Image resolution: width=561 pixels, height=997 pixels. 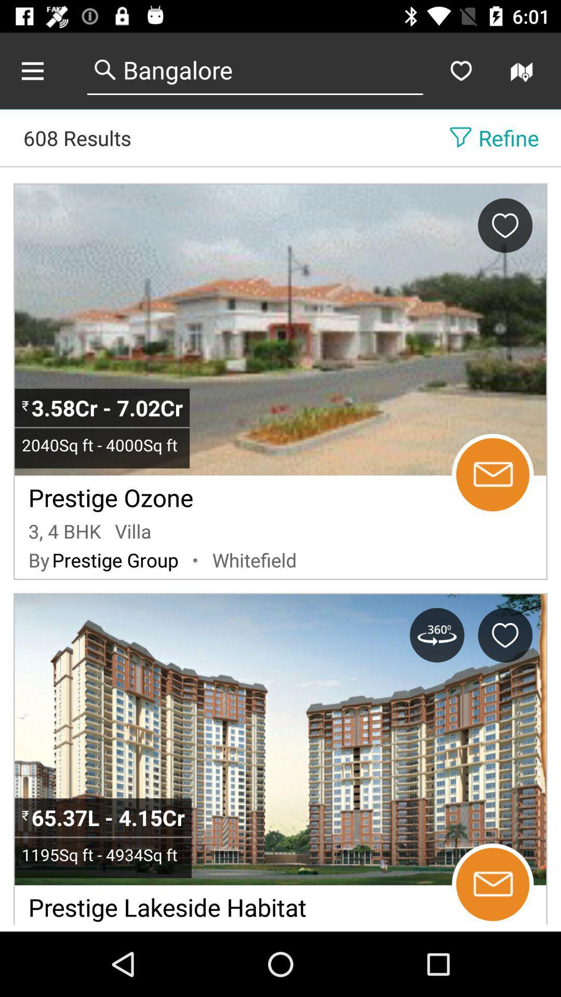 I want to click on wishlist, so click(x=460, y=70).